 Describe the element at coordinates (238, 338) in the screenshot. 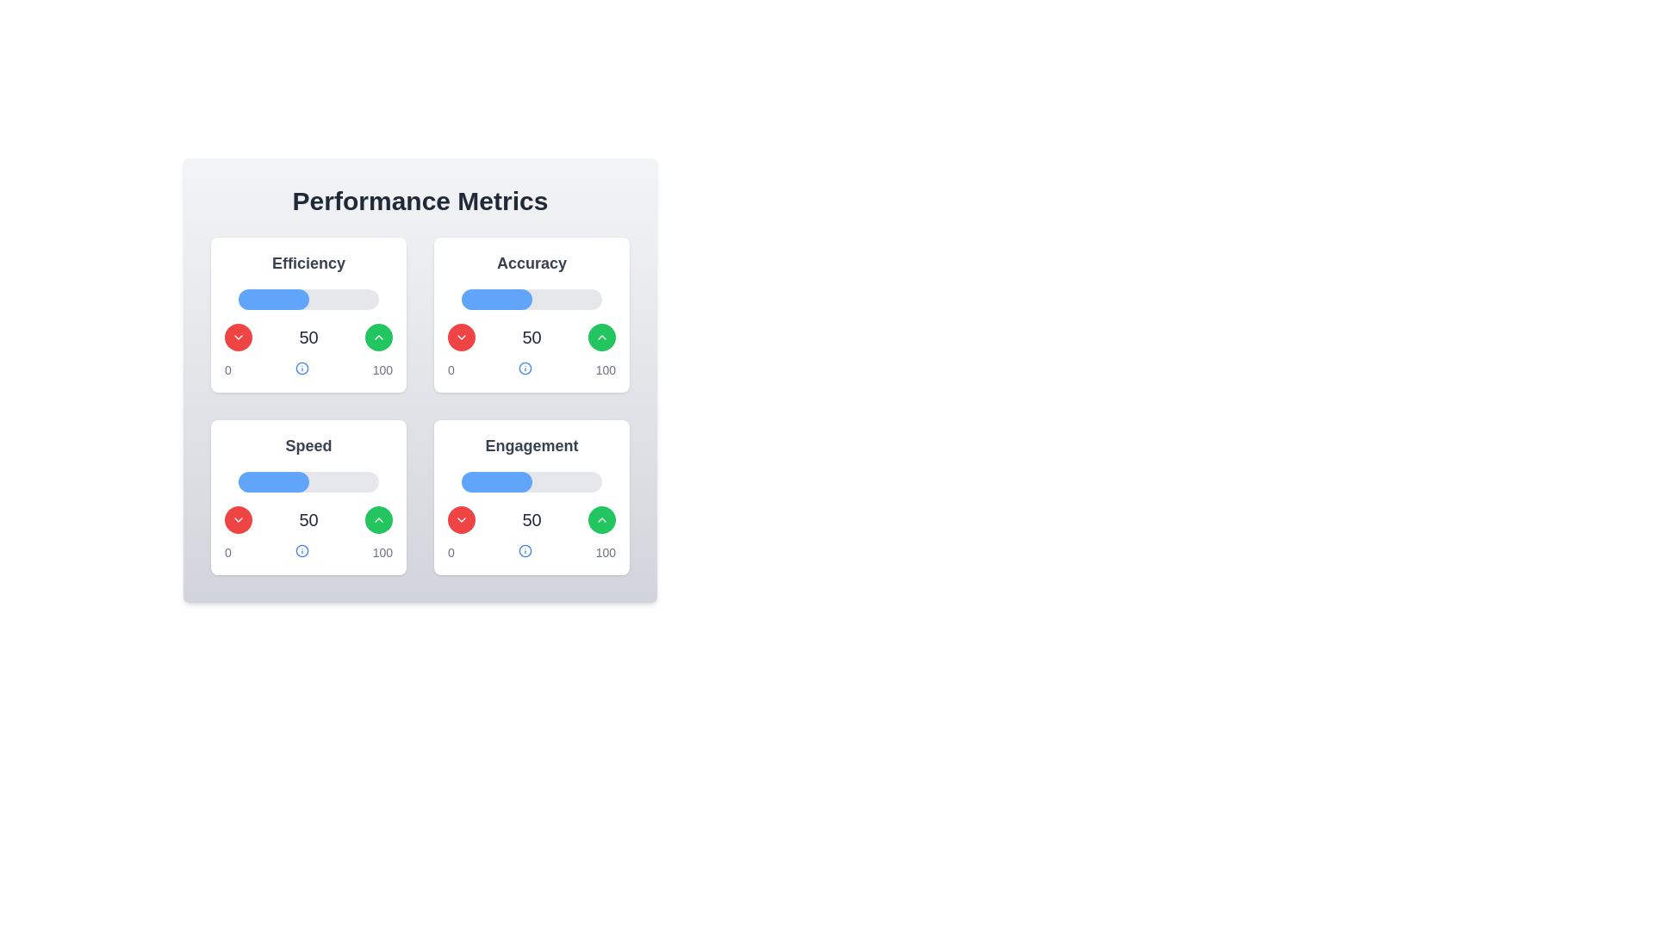

I see `the decrement button located within the 'Efficiency' card, positioned to the left of the text displaying '50'` at that location.